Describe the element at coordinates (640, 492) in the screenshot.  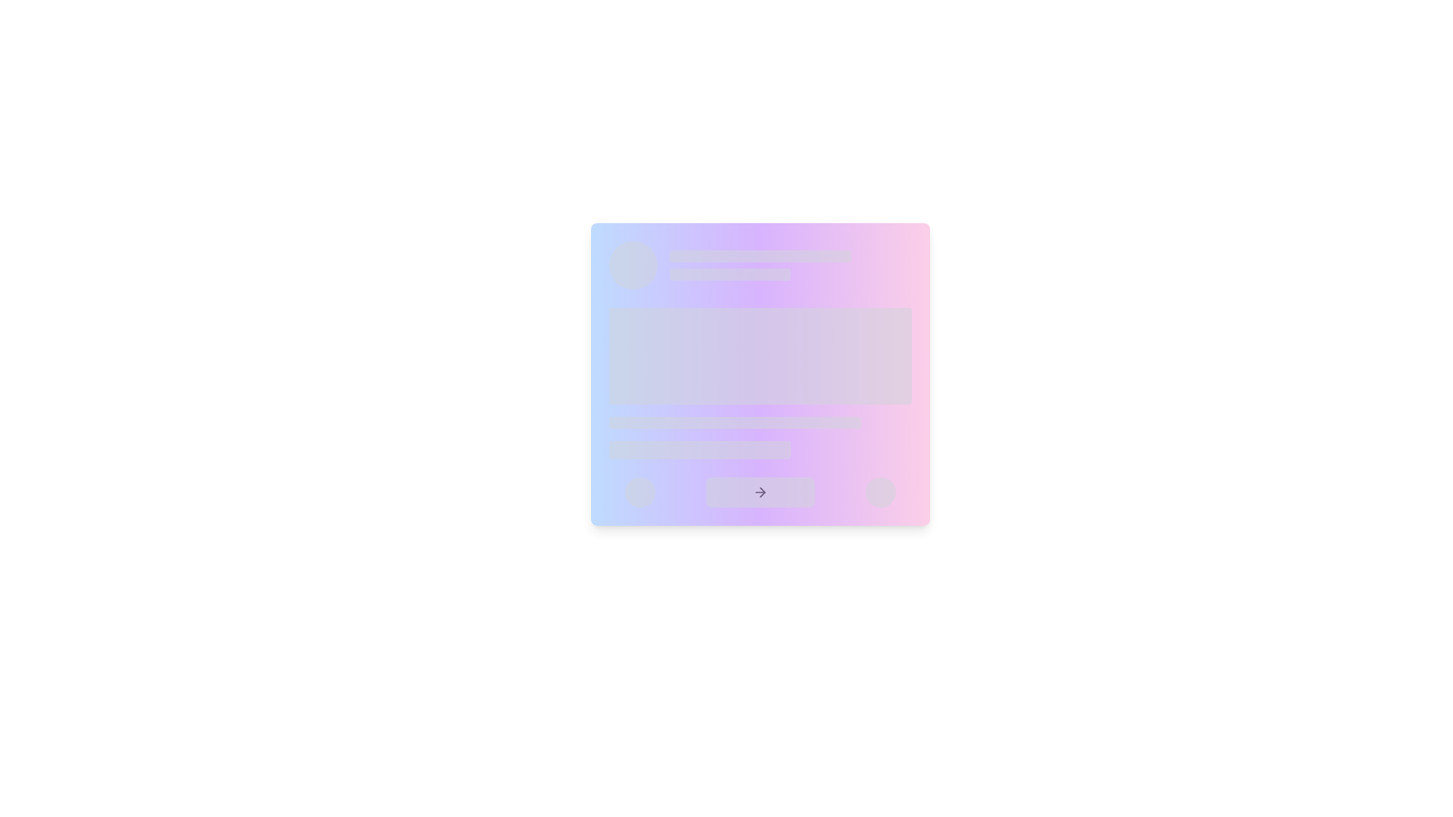
I see `the circular gray button located at the far left of the bottom row of interactive components` at that location.